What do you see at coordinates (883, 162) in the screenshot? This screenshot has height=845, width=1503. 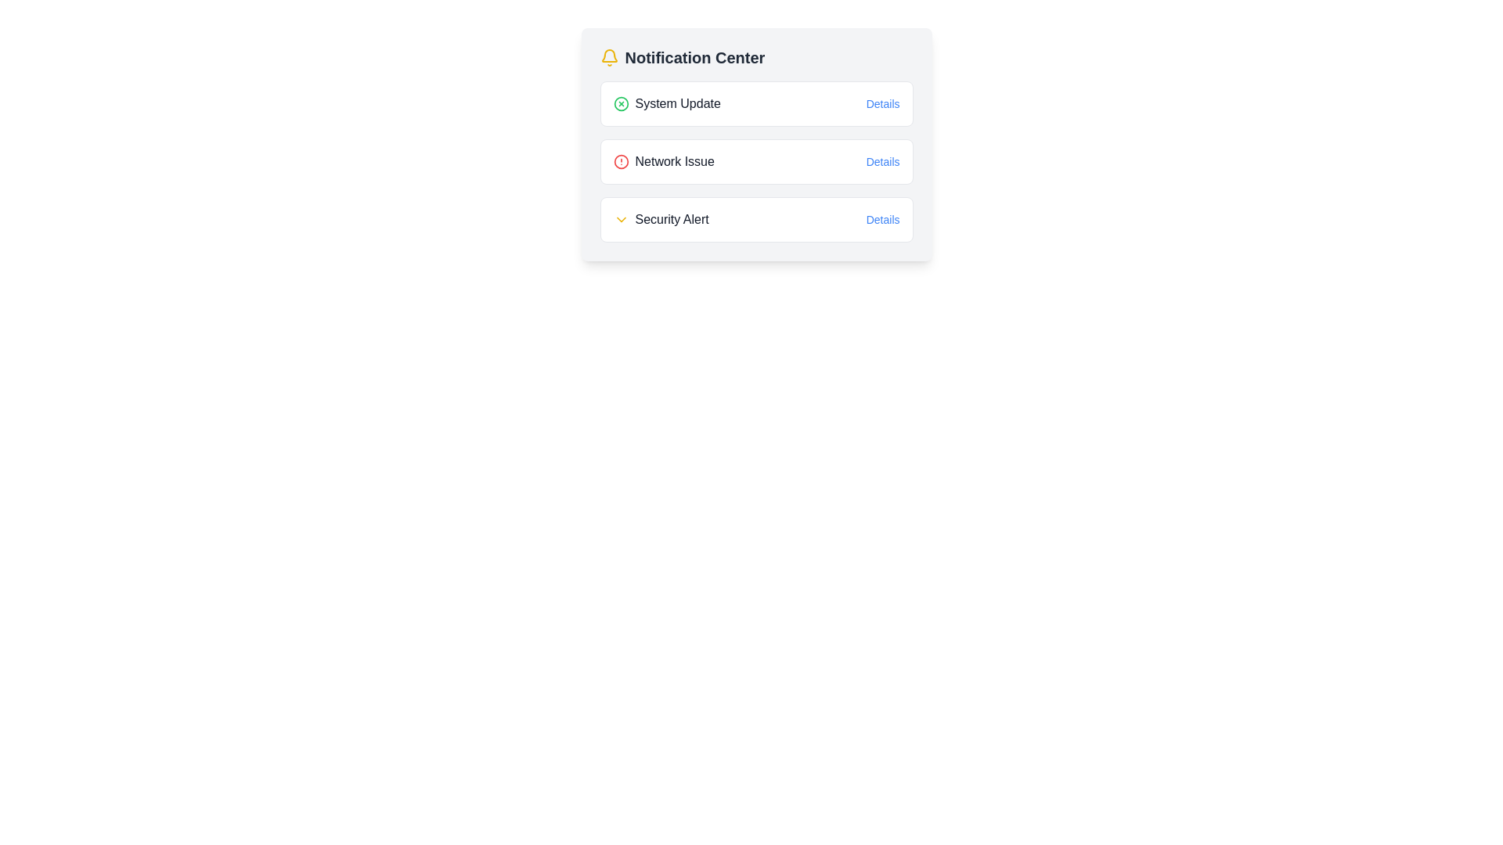 I see `the blue-colored text link labeled 'Details', which is styled as a hyperlink and positioned to the far right of the 'Network Issue' label` at bounding box center [883, 162].